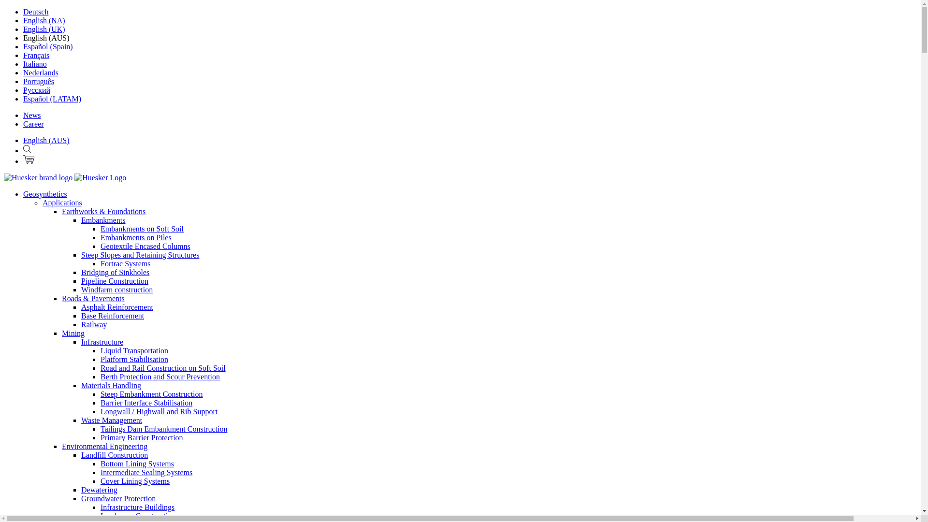 The image size is (928, 522). What do you see at coordinates (137, 515) in the screenshot?
I see `'Landscape Construction'` at bounding box center [137, 515].